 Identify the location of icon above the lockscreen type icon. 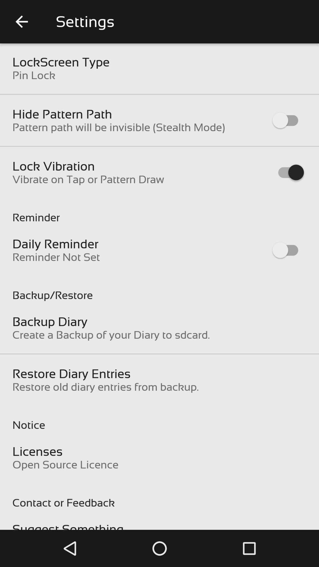
(21, 22).